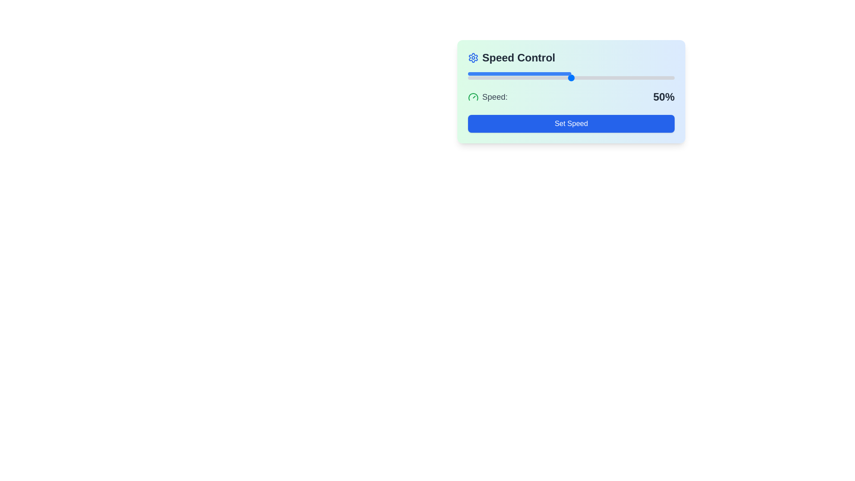  I want to click on the gear icon located to the immediate left of the 'Speed Control' title text, so click(472, 58).